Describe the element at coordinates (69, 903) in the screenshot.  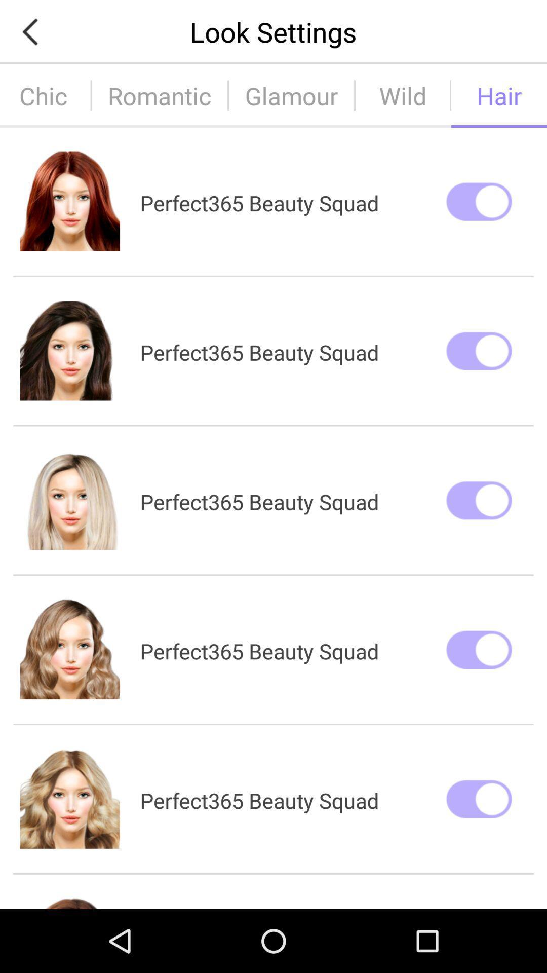
I see `the 6th row image in display` at that location.